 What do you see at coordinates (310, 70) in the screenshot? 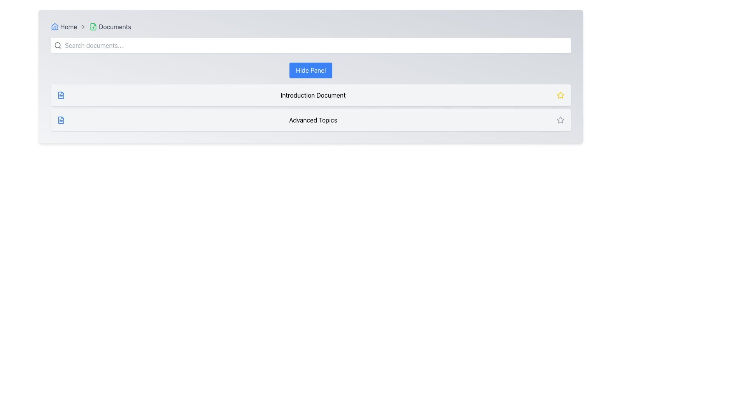
I see `the rectangular blue button labeled 'Hide Panel'` at bounding box center [310, 70].